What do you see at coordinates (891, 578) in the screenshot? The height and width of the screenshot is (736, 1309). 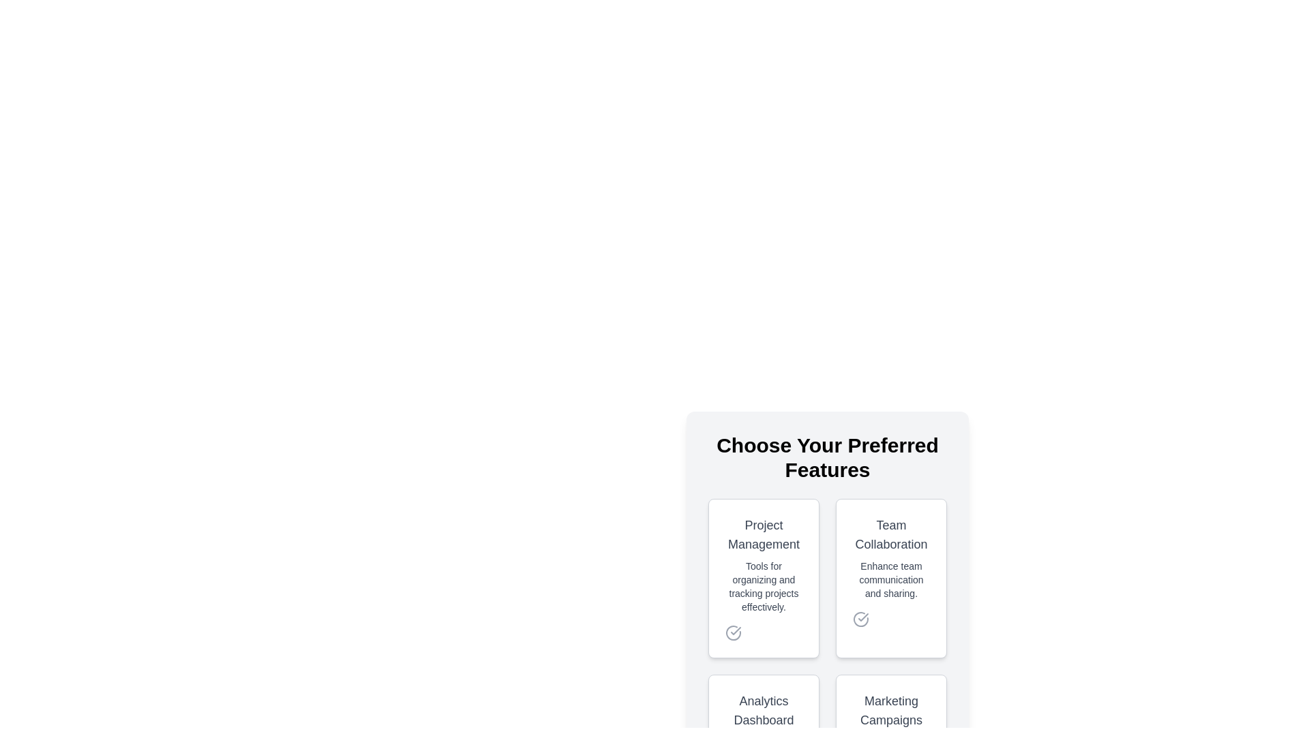 I see `the feature card Team Collaboration` at bounding box center [891, 578].